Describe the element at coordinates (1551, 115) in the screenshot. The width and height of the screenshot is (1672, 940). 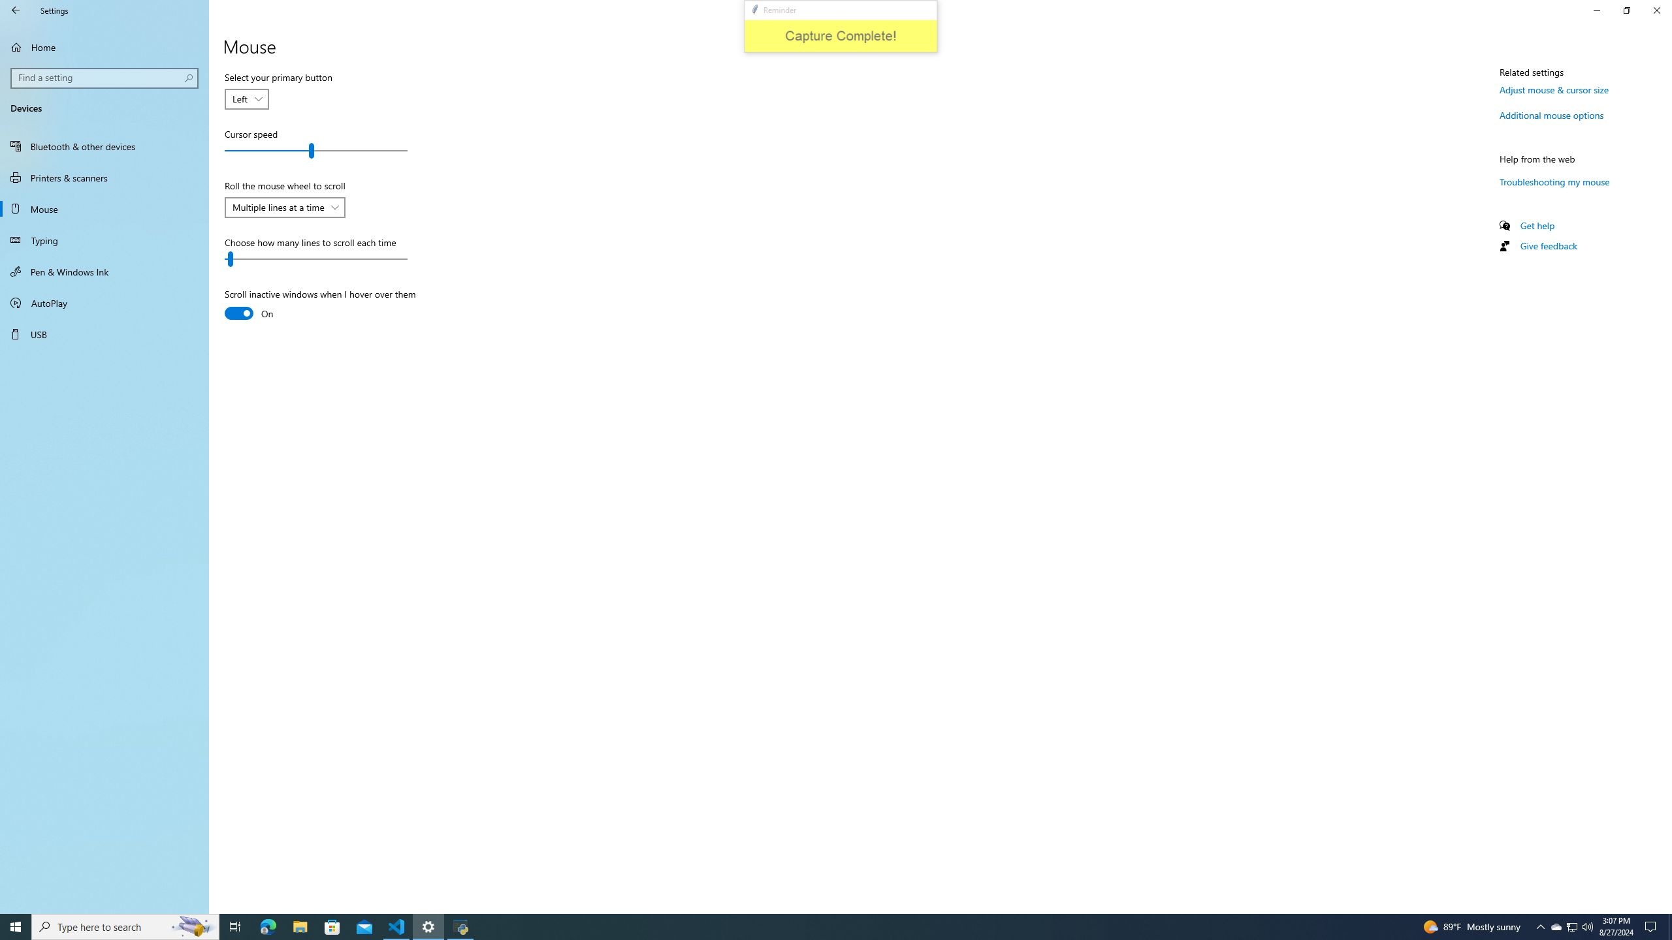
I see `'Additional mouse options'` at that location.